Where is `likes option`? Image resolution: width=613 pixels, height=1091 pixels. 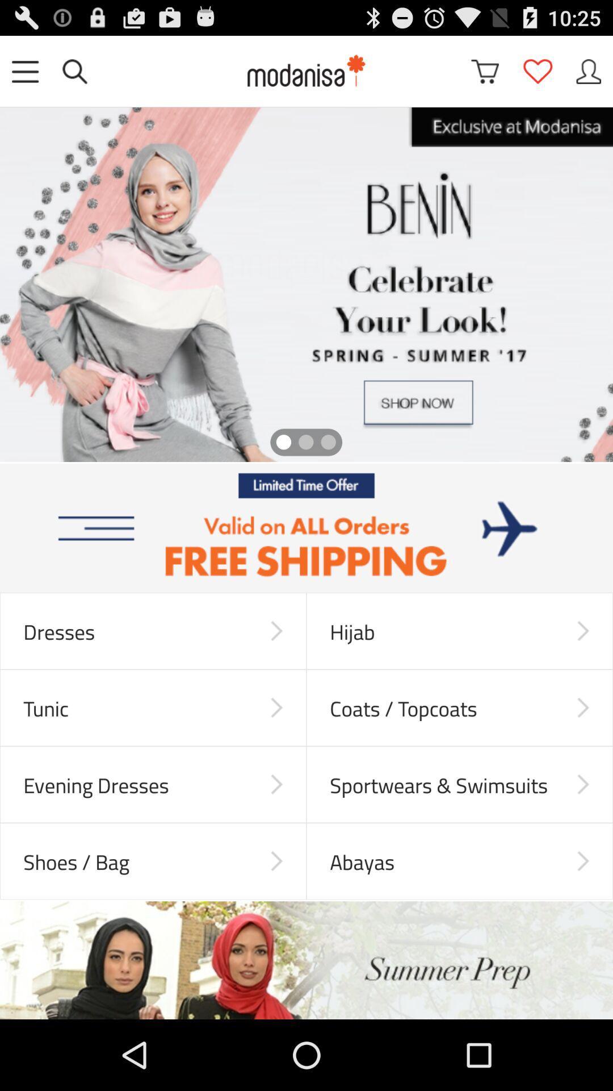
likes option is located at coordinates (537, 70).